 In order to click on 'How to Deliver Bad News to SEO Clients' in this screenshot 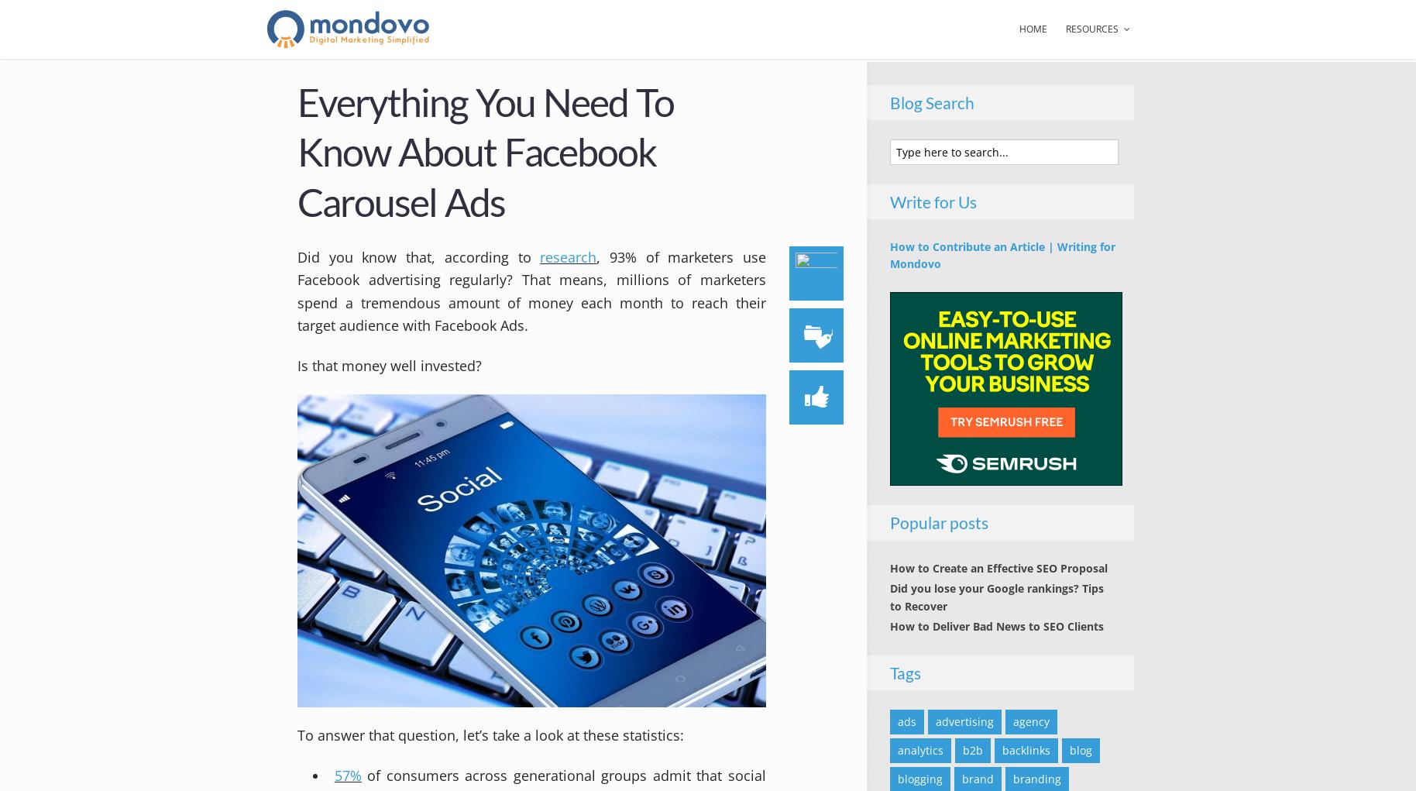, I will do `click(996, 625)`.